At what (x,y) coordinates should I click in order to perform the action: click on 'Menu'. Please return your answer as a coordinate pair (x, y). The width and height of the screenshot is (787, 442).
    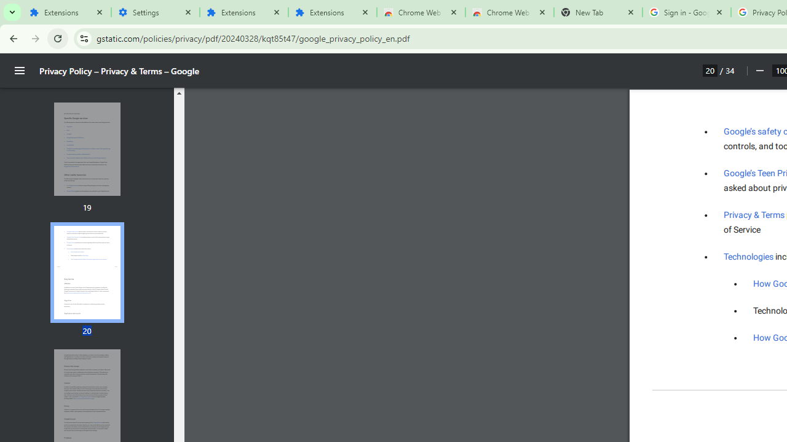
    Looking at the image, I should click on (20, 71).